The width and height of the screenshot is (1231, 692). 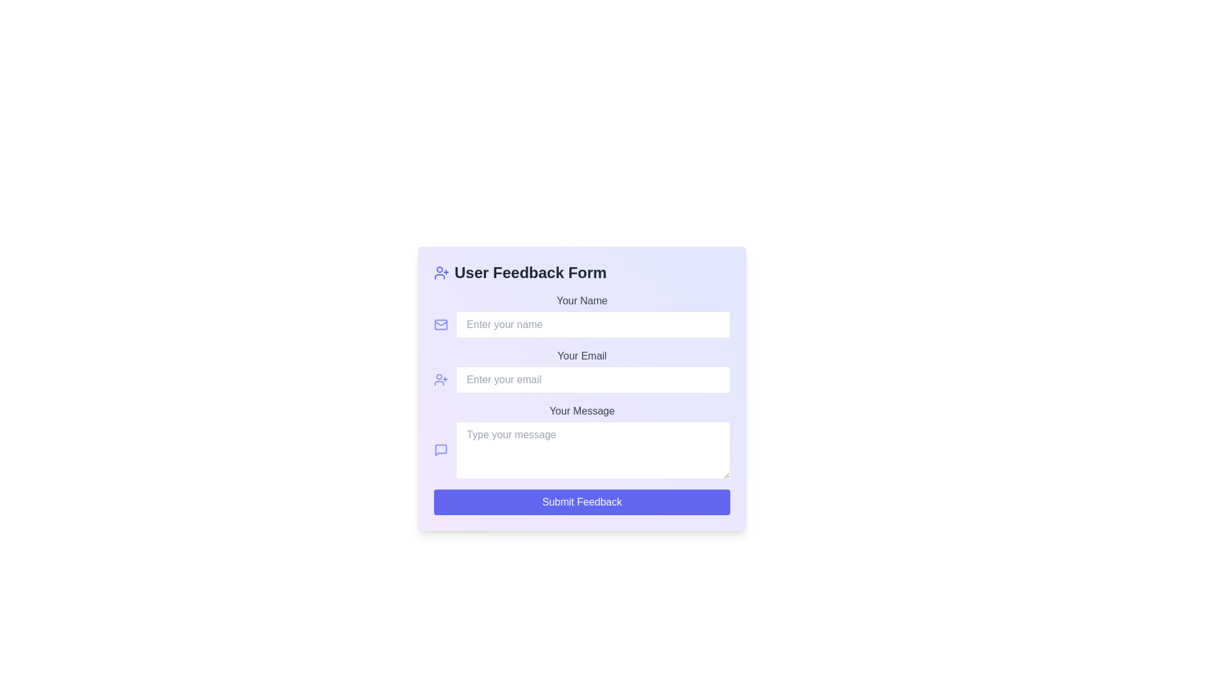 What do you see at coordinates (441, 449) in the screenshot?
I see `the speech bubble icon located to the left of the input field labeled 'Your Message'` at bounding box center [441, 449].